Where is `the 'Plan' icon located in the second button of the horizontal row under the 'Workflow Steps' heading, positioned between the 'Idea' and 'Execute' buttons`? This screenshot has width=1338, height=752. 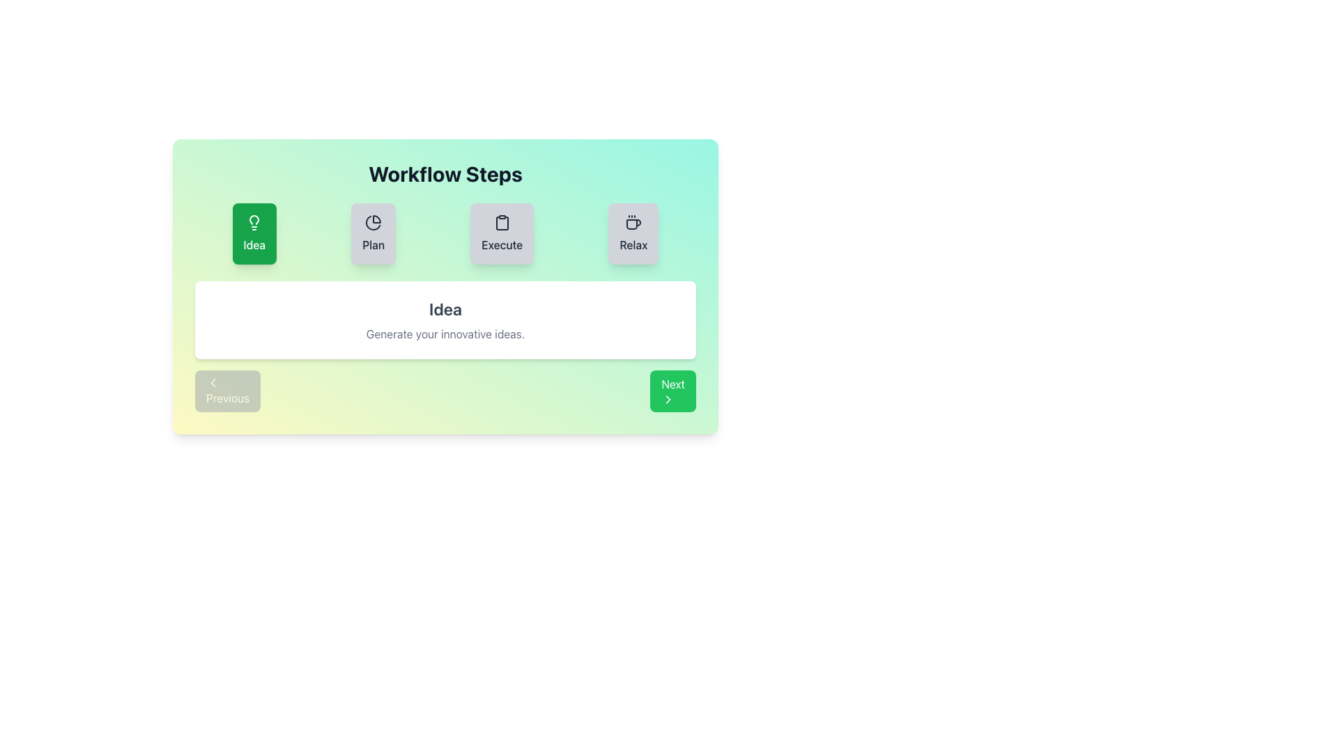 the 'Plan' icon located in the second button of the horizontal row under the 'Workflow Steps' heading, positioned between the 'Idea' and 'Execute' buttons is located at coordinates (374, 222).